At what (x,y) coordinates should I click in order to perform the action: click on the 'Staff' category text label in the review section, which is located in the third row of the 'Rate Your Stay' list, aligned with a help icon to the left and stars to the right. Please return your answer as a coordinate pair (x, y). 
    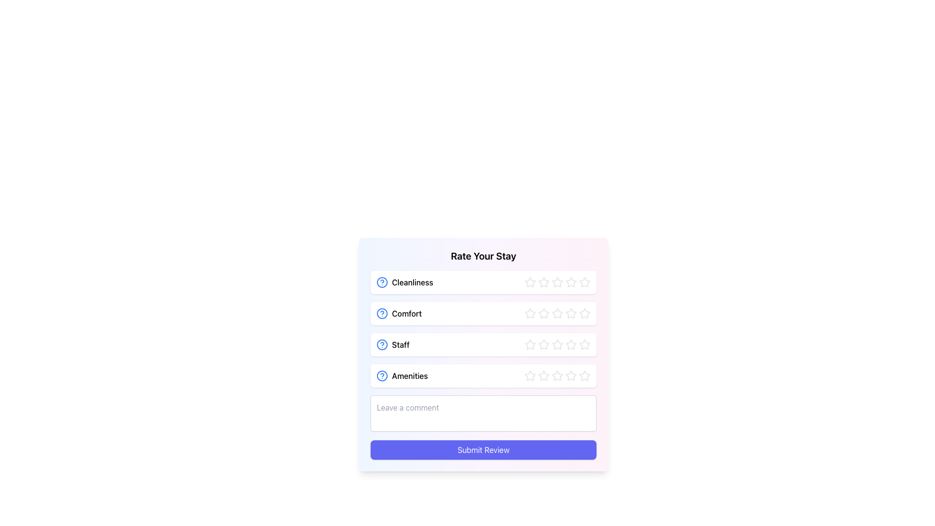
    Looking at the image, I should click on (401, 344).